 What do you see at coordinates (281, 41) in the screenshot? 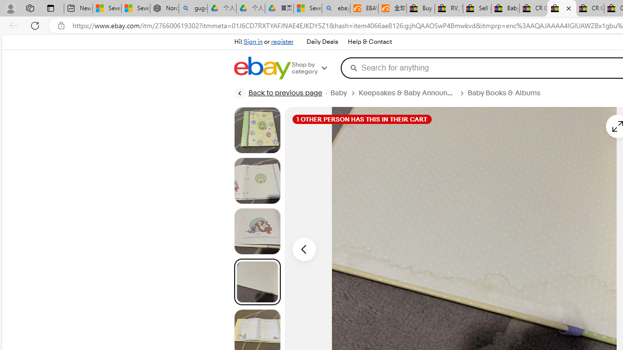
I see `'register'` at bounding box center [281, 41].